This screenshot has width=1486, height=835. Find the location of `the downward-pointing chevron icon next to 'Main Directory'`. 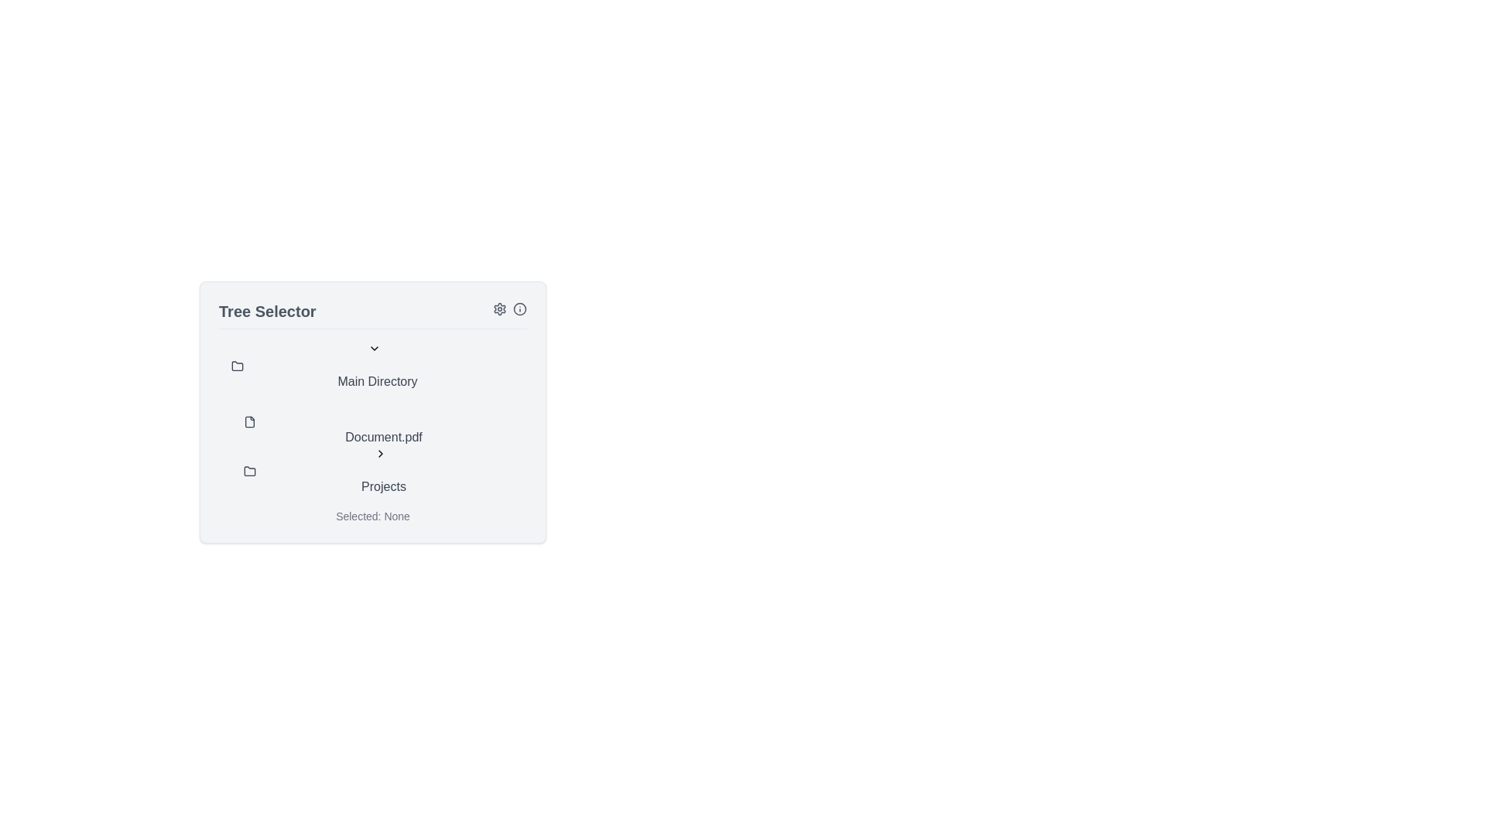

the downward-pointing chevron icon next to 'Main Directory' is located at coordinates (375, 349).